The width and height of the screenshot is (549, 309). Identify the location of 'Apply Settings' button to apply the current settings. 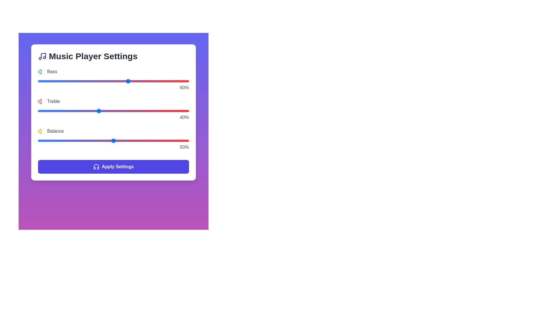
(114, 167).